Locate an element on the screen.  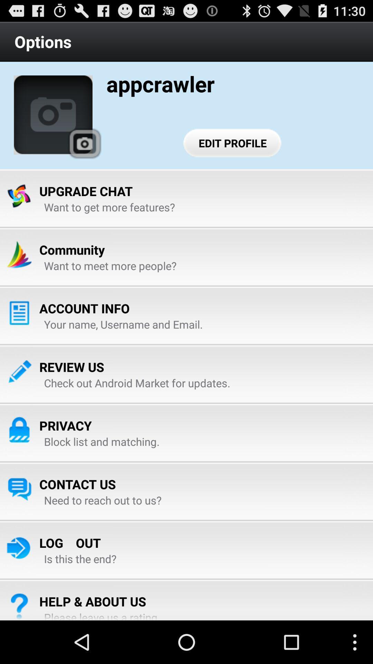
the item below the options item is located at coordinates (53, 115).